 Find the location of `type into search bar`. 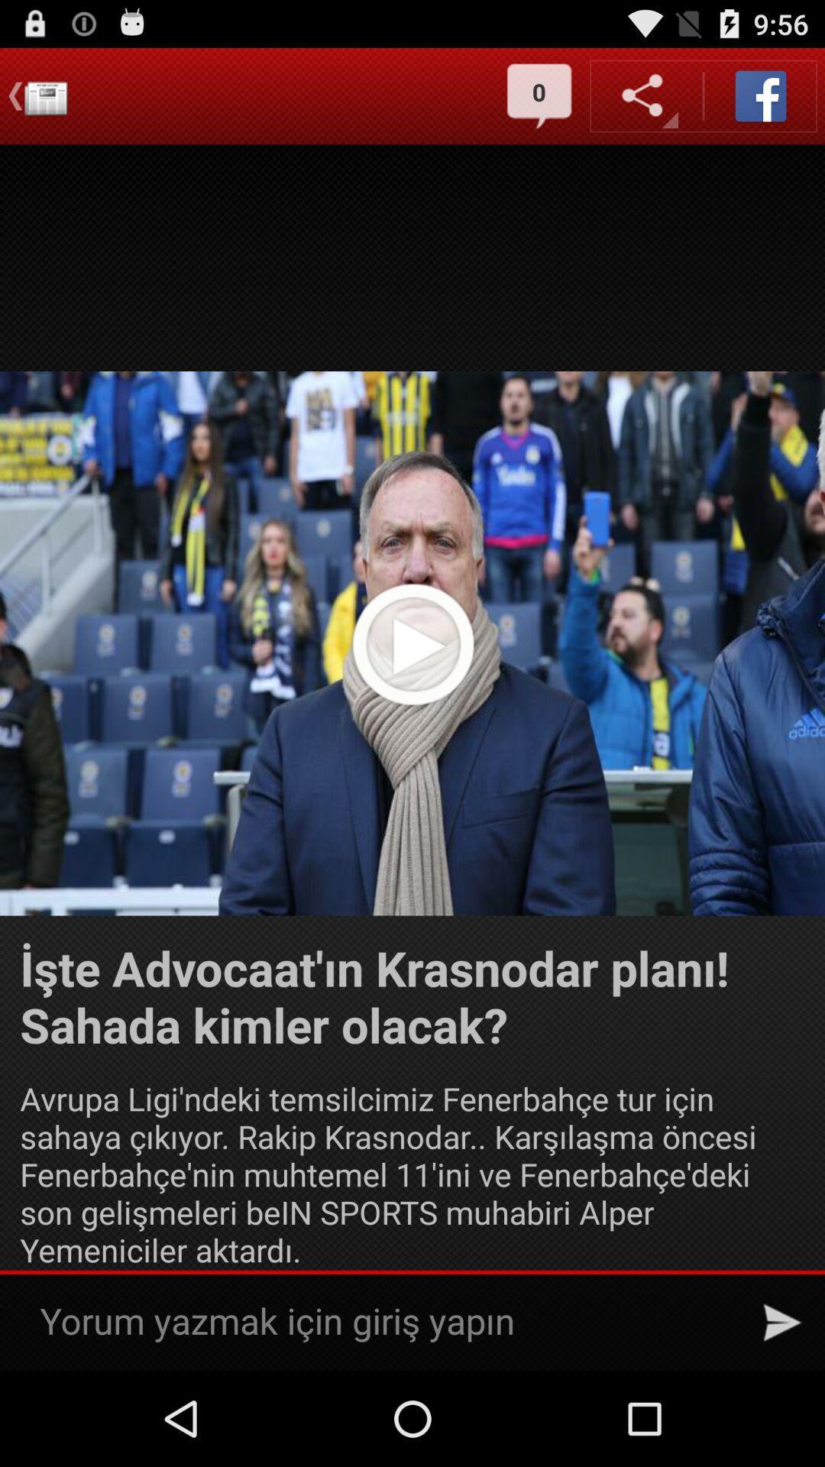

type into search bar is located at coordinates (384, 1322).